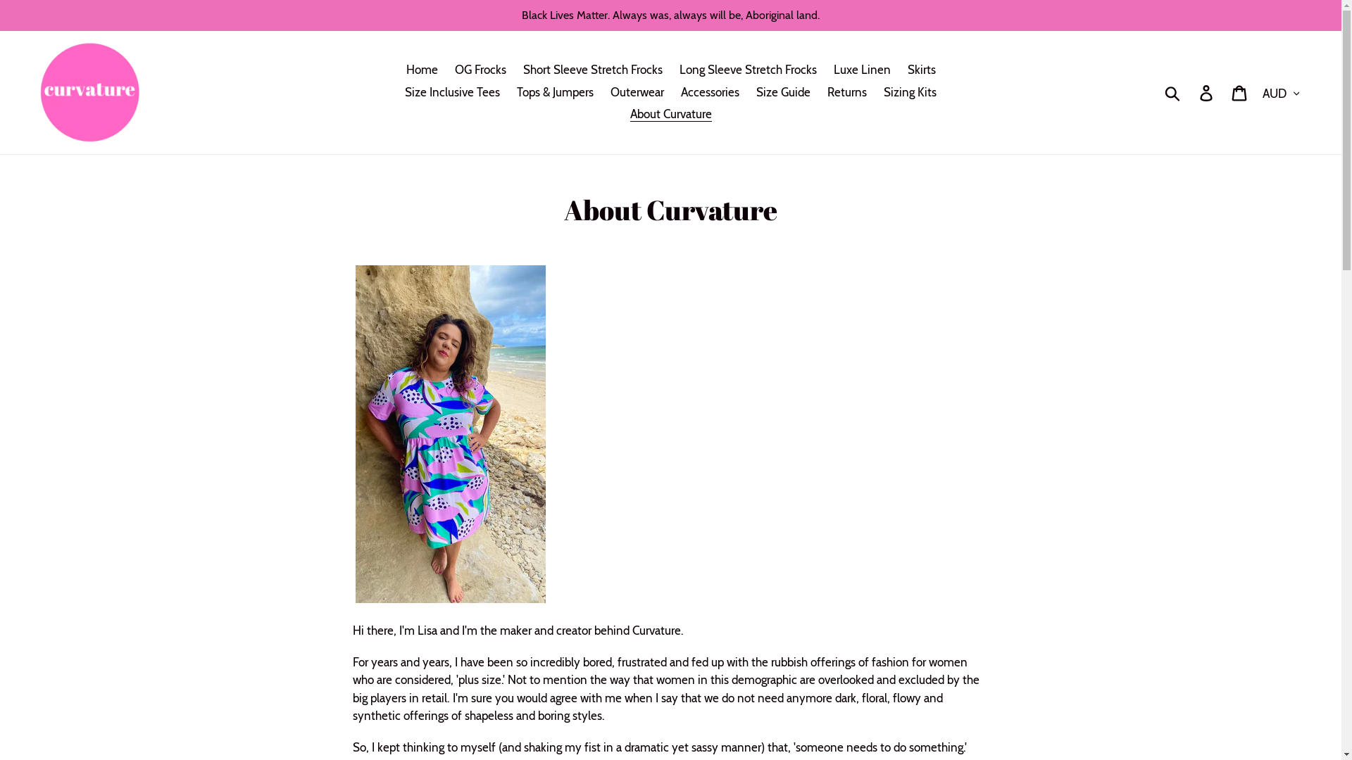  Describe the element at coordinates (875, 92) in the screenshot. I see `'Sizing Kits'` at that location.